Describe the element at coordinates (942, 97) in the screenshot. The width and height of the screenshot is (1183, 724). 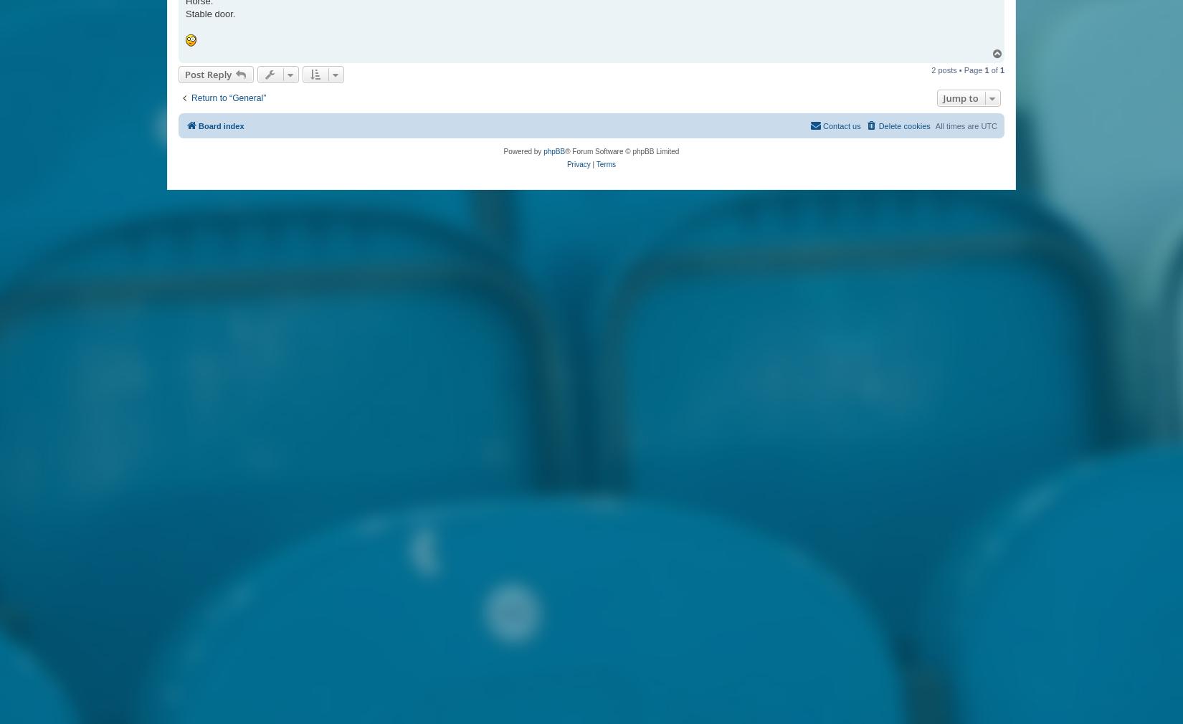
I see `'Jump to'` at that location.